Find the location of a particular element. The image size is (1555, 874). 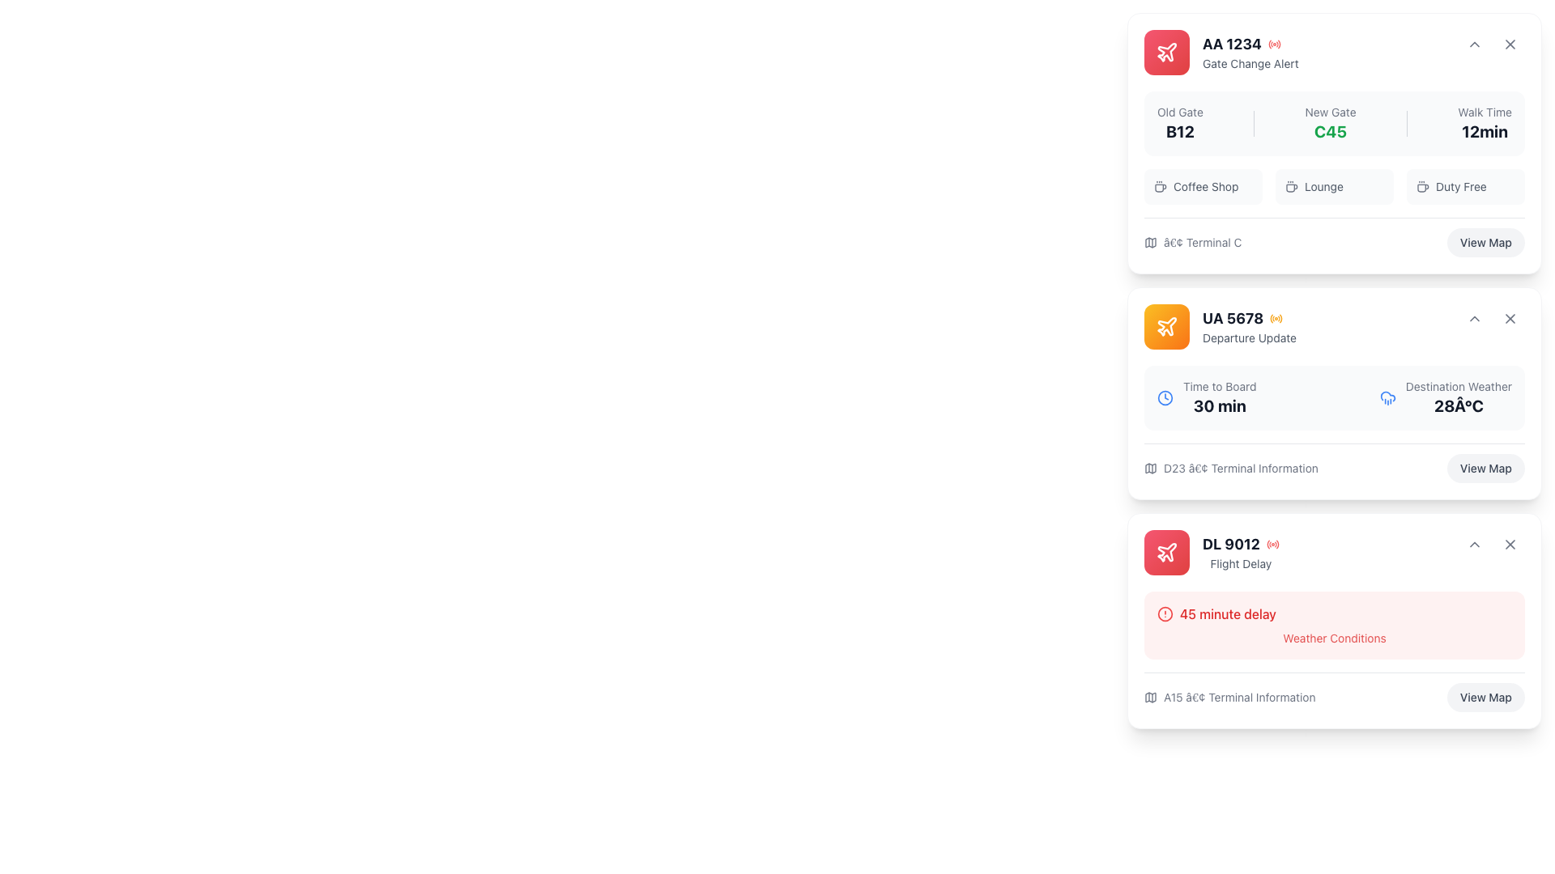

the flight details card displaying information including departure updates and terminal information, which is located below the 'AA 1234' card in the vertical list is located at coordinates (1334, 393).